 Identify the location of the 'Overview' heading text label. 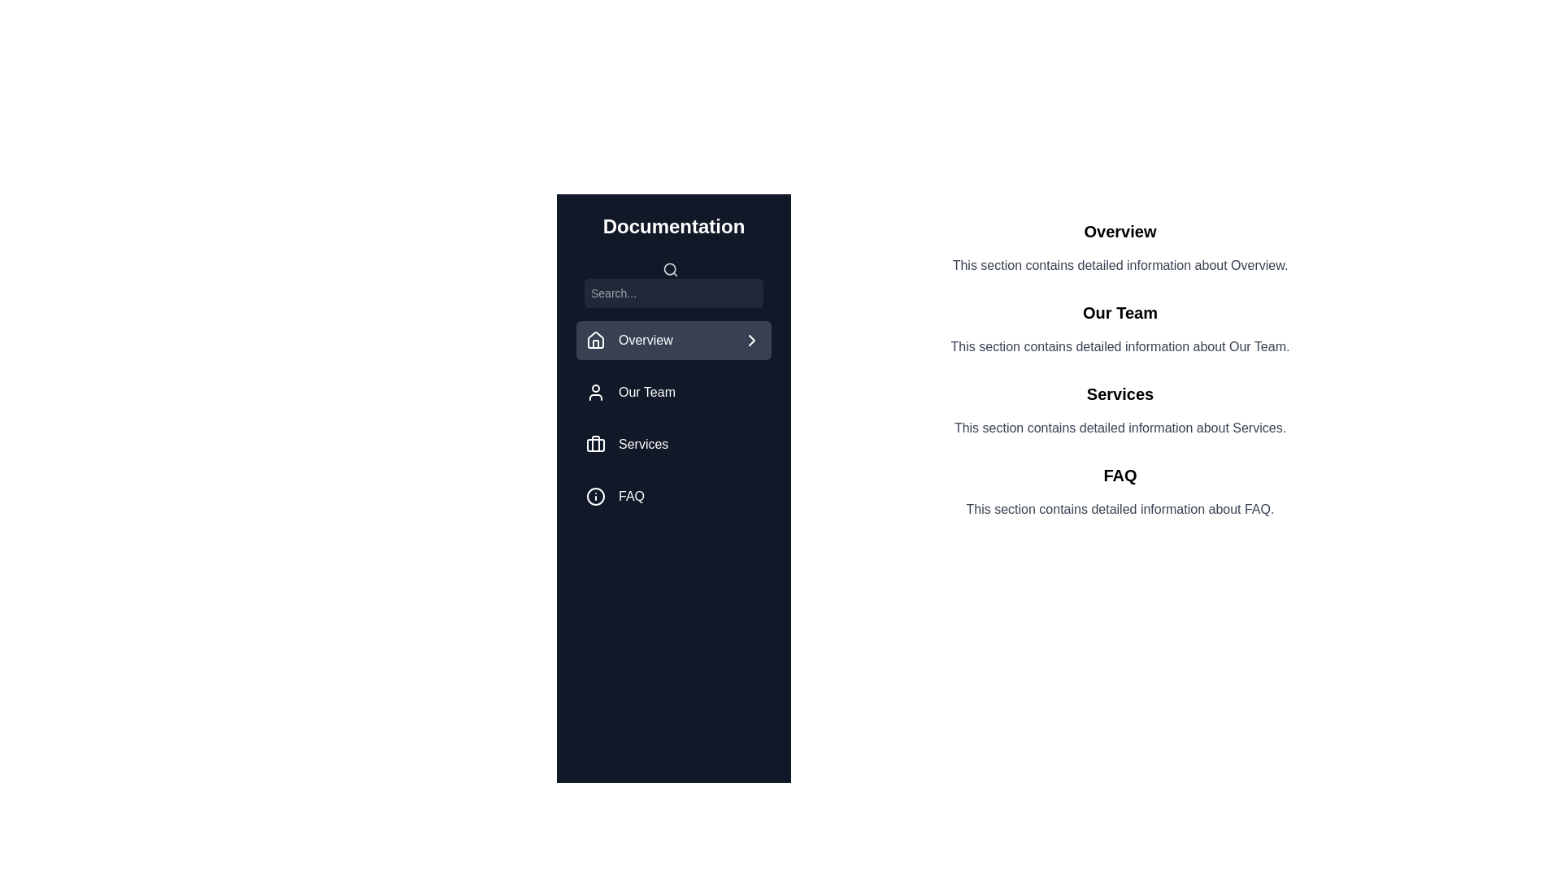
(1119, 232).